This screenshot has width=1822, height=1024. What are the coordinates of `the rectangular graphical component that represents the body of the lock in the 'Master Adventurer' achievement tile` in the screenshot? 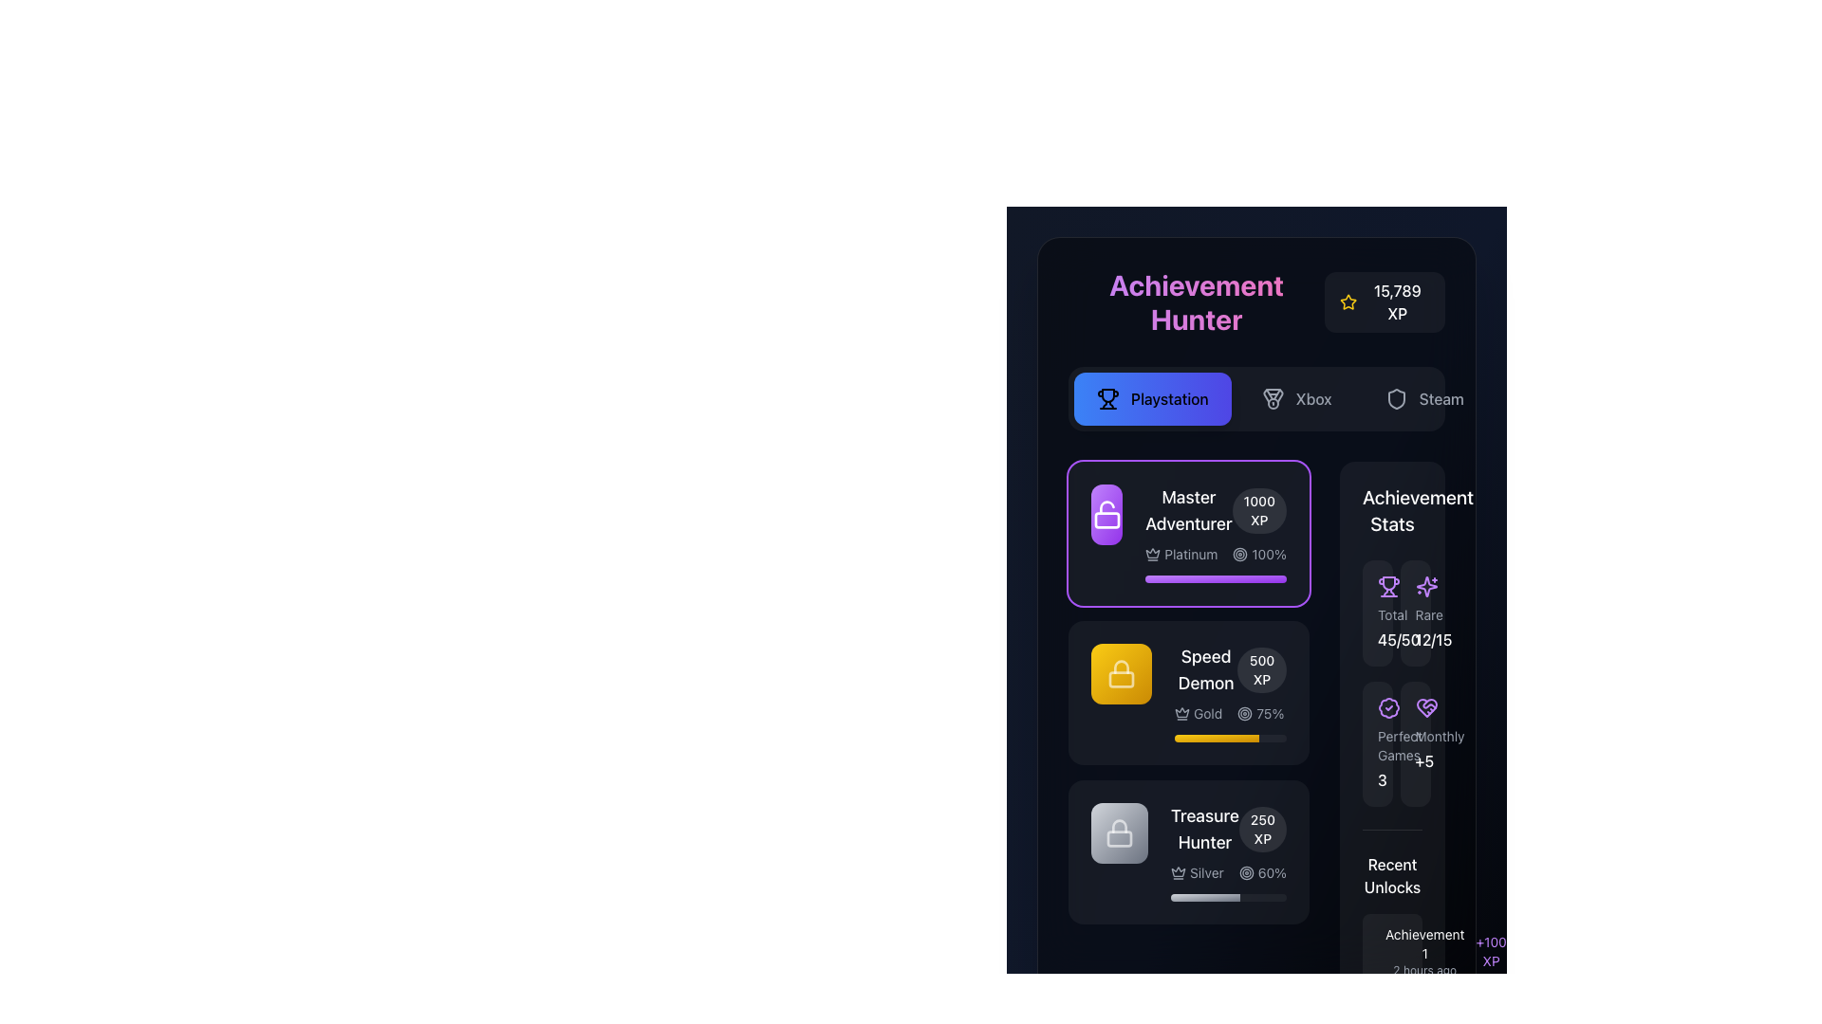 It's located at (1121, 679).